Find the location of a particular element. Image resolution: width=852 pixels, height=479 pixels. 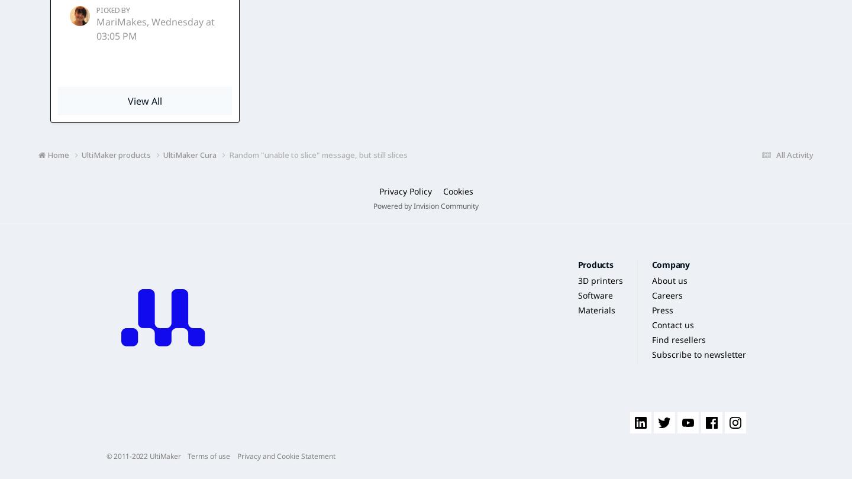

'UltiMaker Cura' is located at coordinates (163, 153).